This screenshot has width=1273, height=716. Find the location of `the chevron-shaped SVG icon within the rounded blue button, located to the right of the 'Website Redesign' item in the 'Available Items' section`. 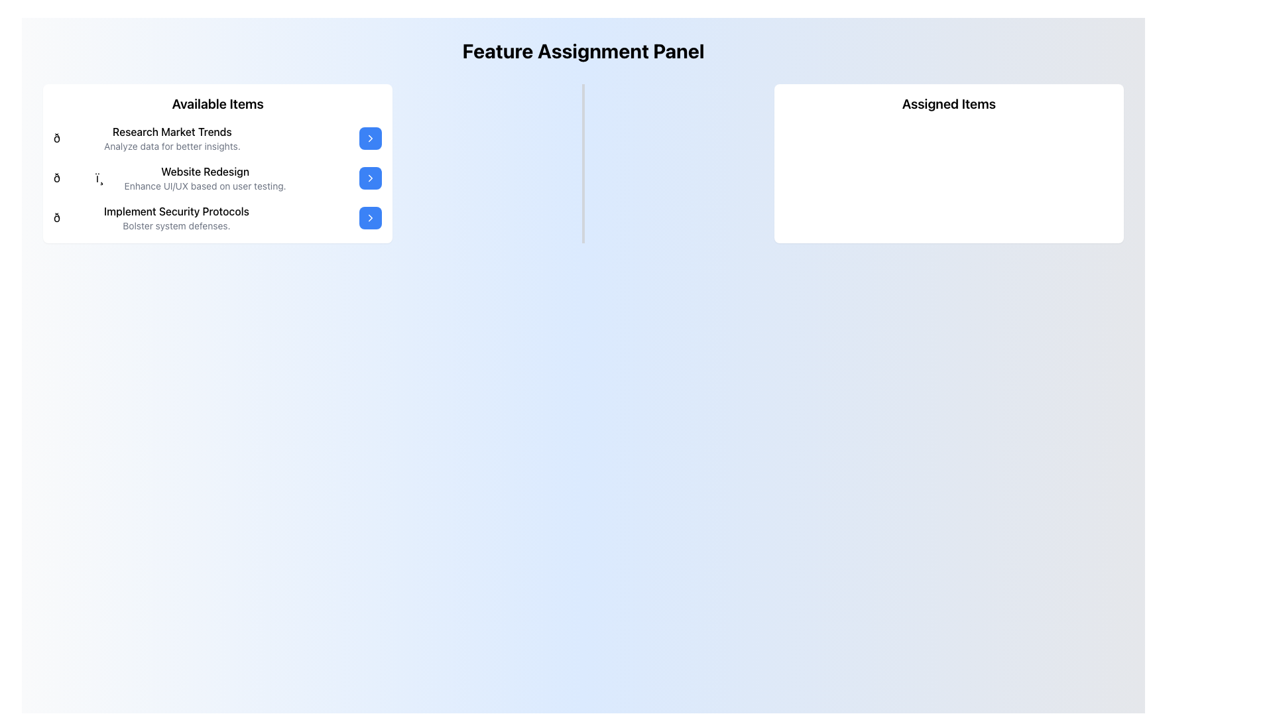

the chevron-shaped SVG icon within the rounded blue button, located to the right of the 'Website Redesign' item in the 'Available Items' section is located at coordinates (371, 178).